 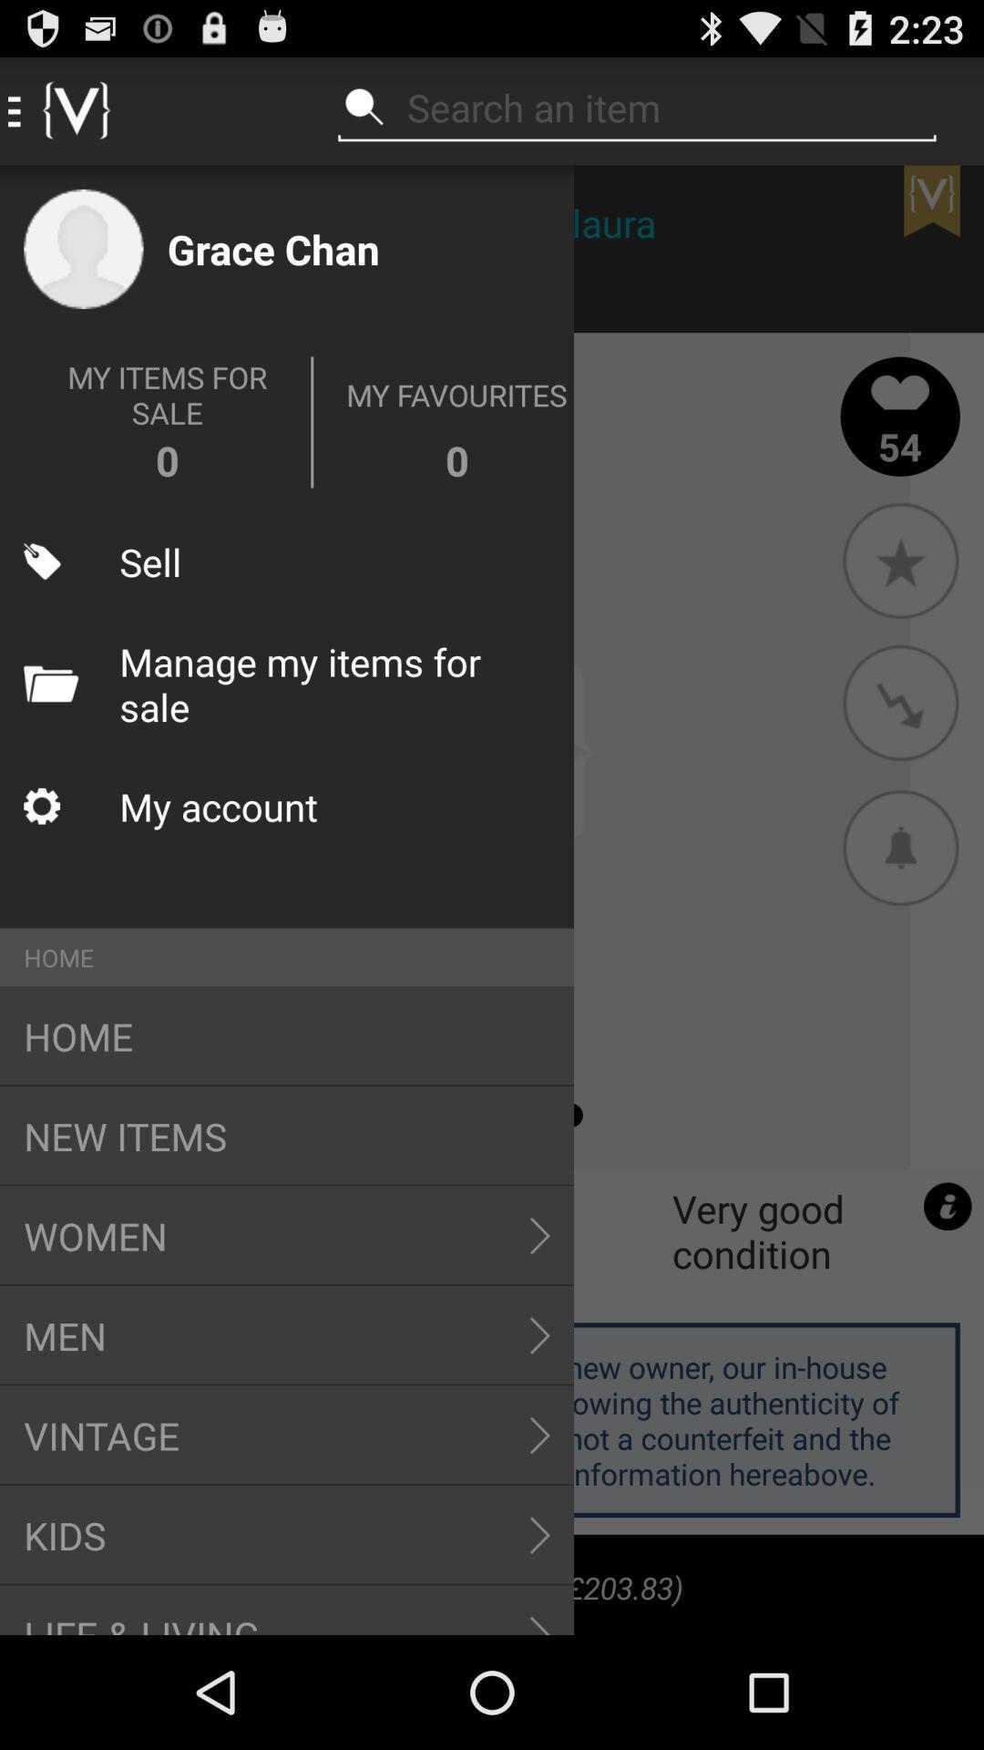 What do you see at coordinates (899, 599) in the screenshot?
I see `the star icon` at bounding box center [899, 599].